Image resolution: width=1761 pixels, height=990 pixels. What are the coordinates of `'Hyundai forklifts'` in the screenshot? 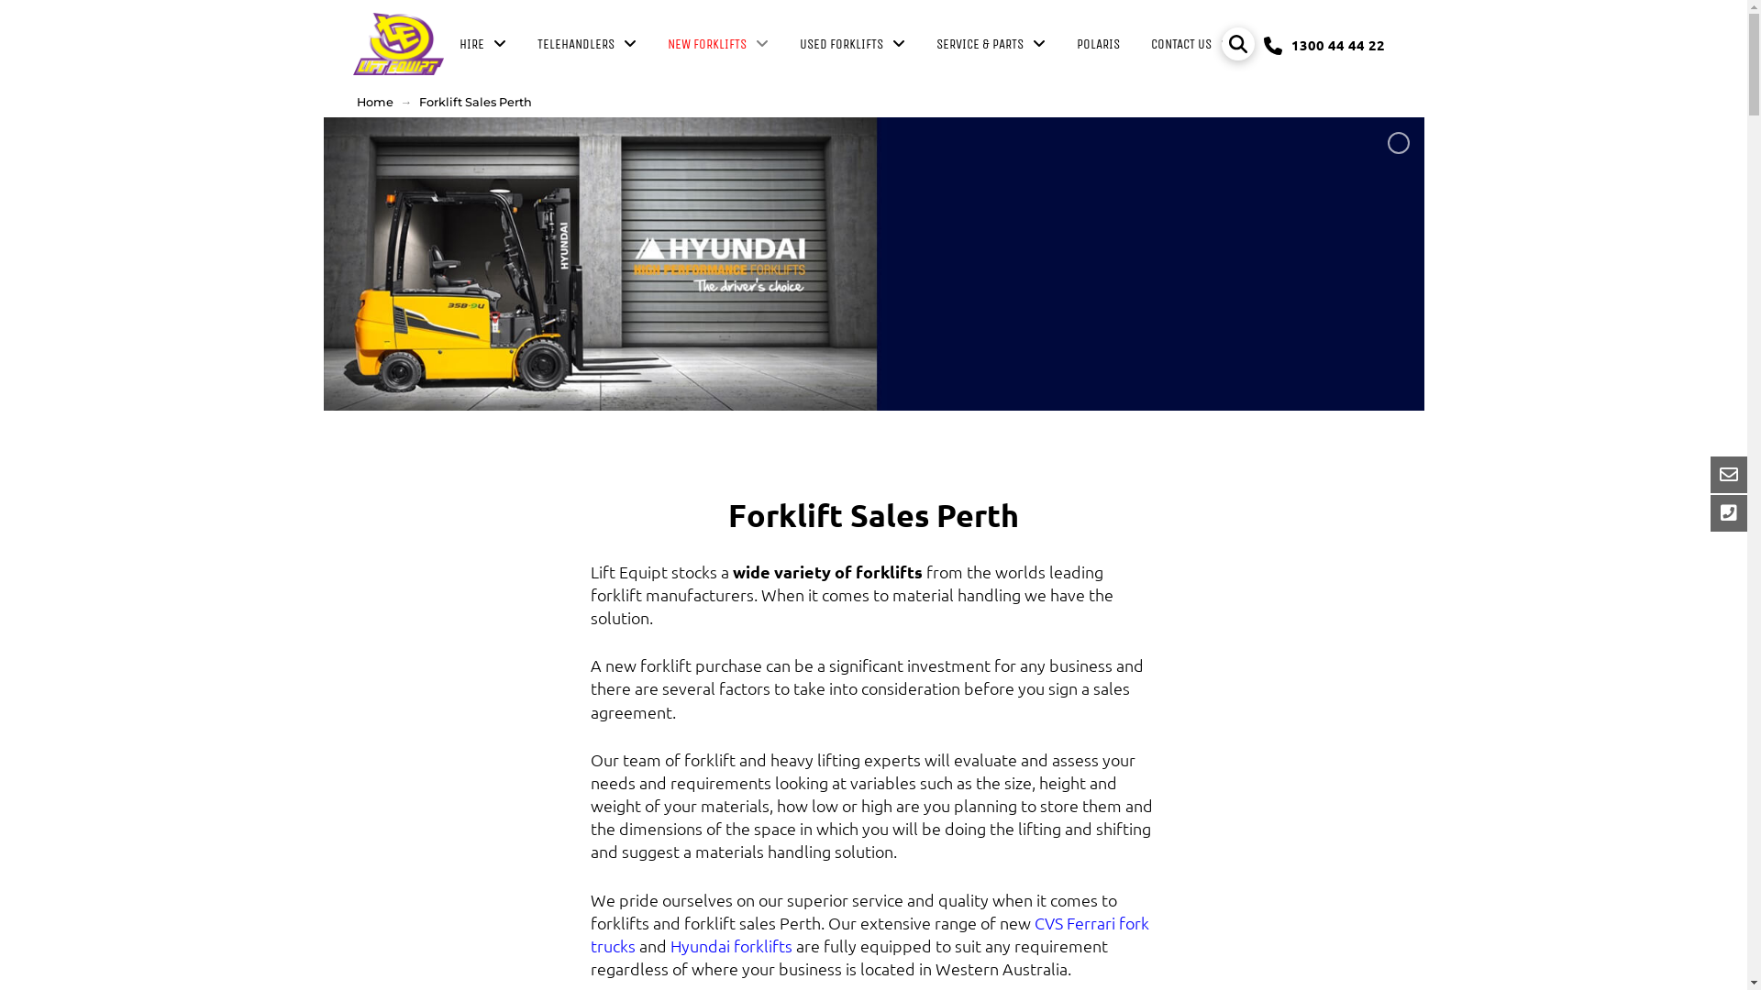 It's located at (730, 945).